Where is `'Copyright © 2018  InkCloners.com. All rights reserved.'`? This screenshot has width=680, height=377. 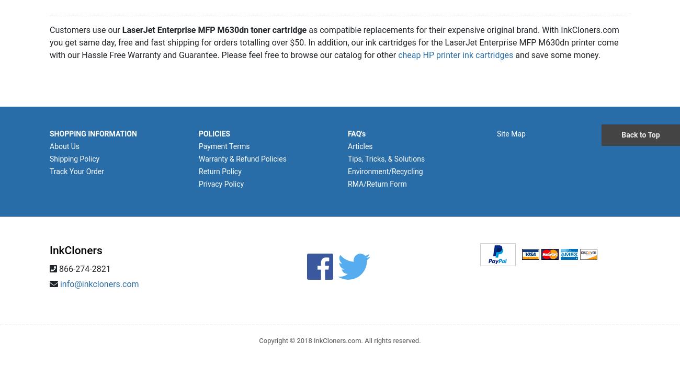 'Copyright © 2018  InkCloners.com. All rights reserved.' is located at coordinates (339, 340).